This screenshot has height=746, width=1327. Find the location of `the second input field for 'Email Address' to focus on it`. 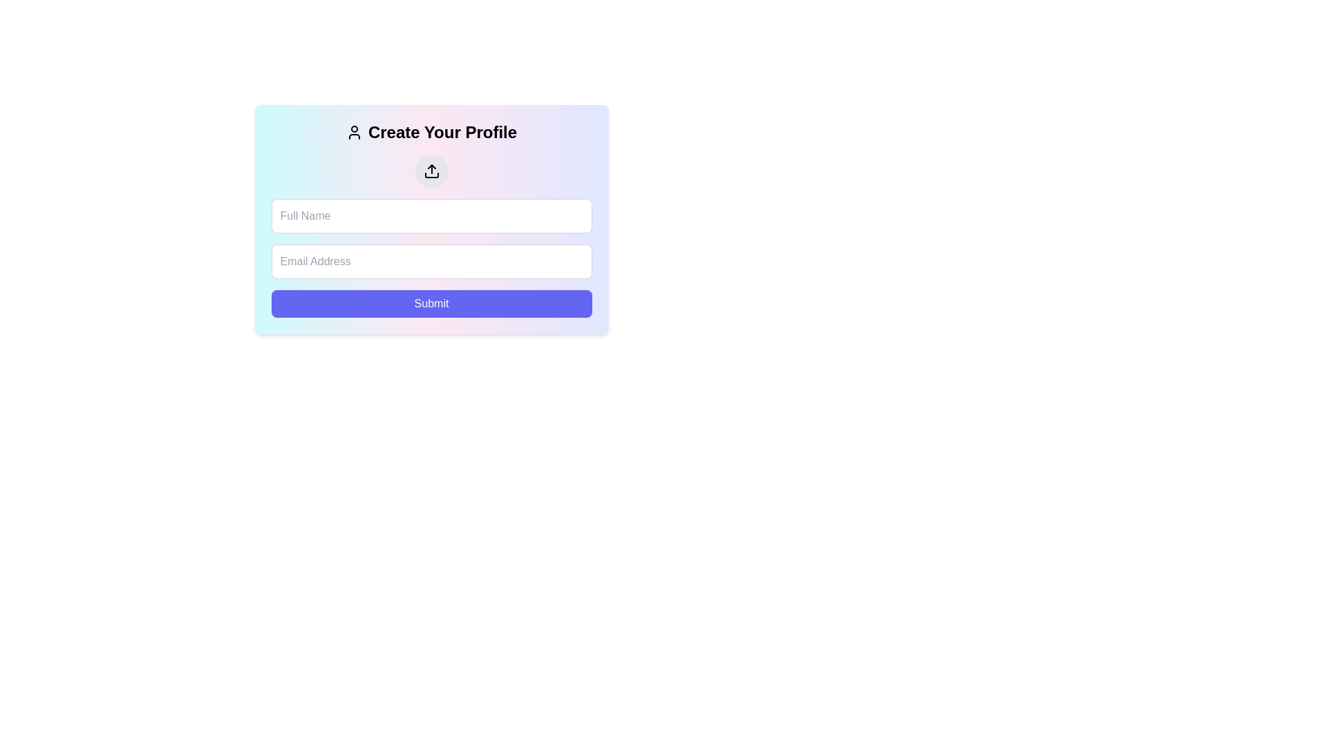

the second input field for 'Email Address' to focus on it is located at coordinates (431, 261).